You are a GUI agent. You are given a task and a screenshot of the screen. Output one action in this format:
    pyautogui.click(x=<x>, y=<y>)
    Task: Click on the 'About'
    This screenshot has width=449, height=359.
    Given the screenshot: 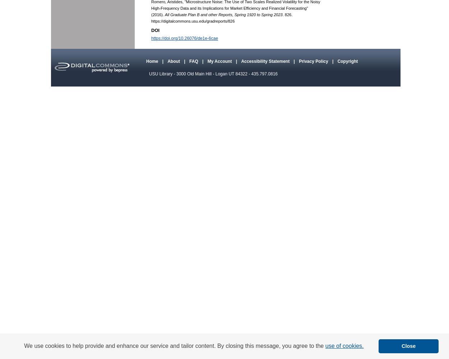 What is the action you would take?
    pyautogui.click(x=174, y=61)
    